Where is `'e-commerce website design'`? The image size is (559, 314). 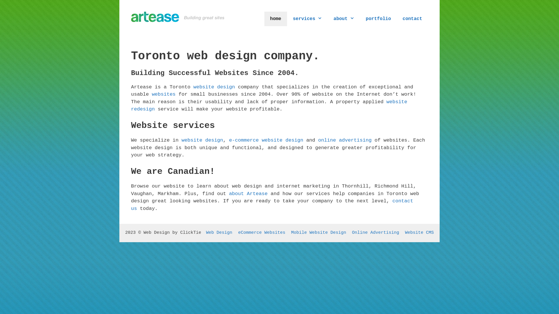
'e-commerce website design' is located at coordinates (229, 140).